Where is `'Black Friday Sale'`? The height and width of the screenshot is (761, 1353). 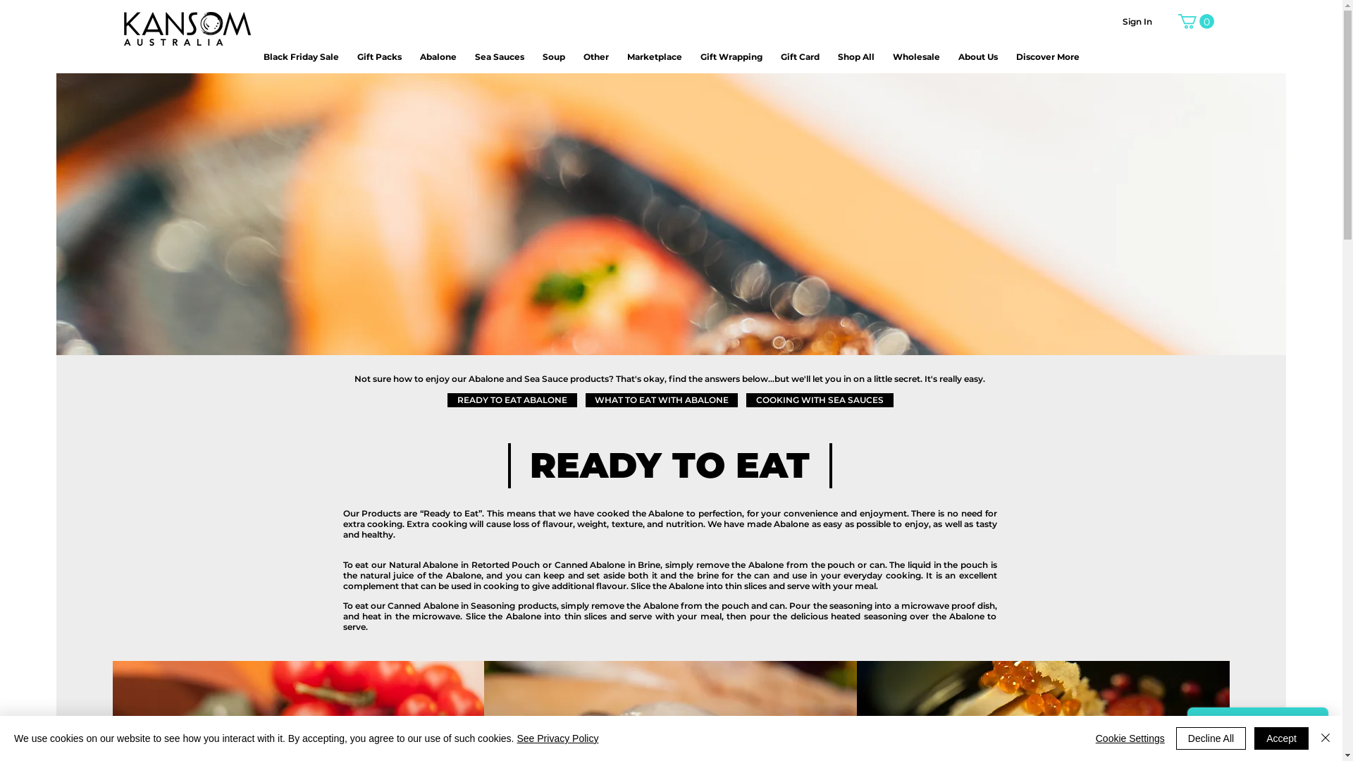
'Black Friday Sale' is located at coordinates (300, 56).